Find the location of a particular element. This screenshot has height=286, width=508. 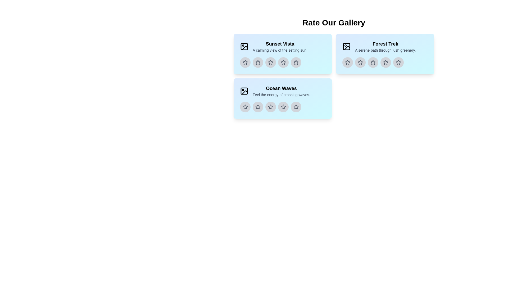

the second rating star located in the second row under the 'Ocean Waves' header is located at coordinates (270, 107).